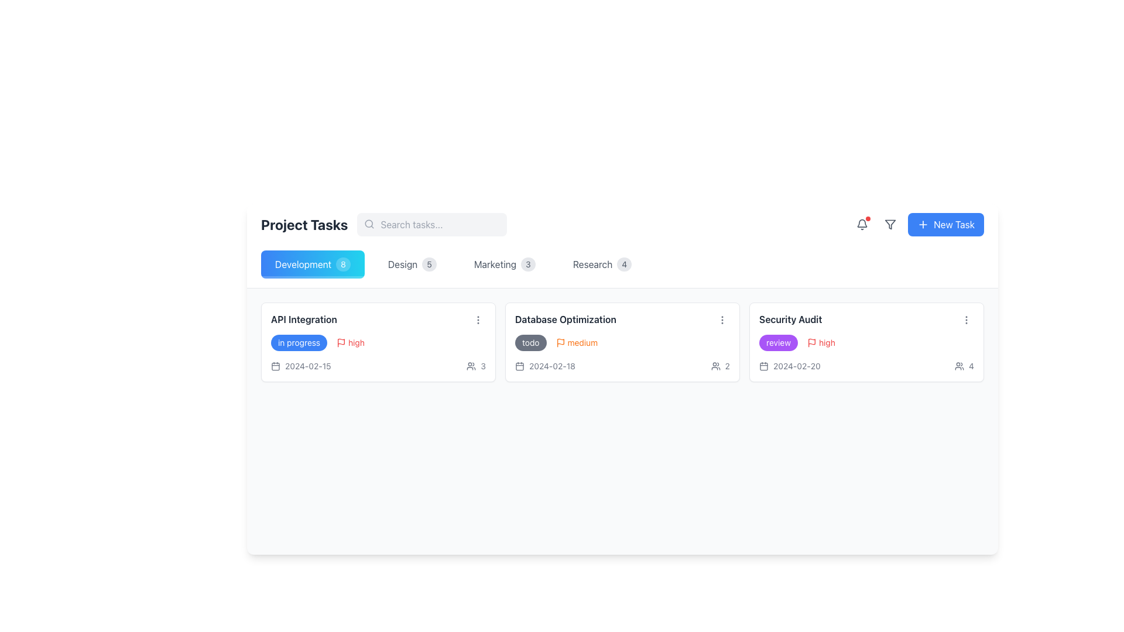 Image resolution: width=1124 pixels, height=632 pixels. I want to click on the calendar icon positioned to the left of the date '2024-02-18' in the second card of the second row of tasks, so click(519, 365).